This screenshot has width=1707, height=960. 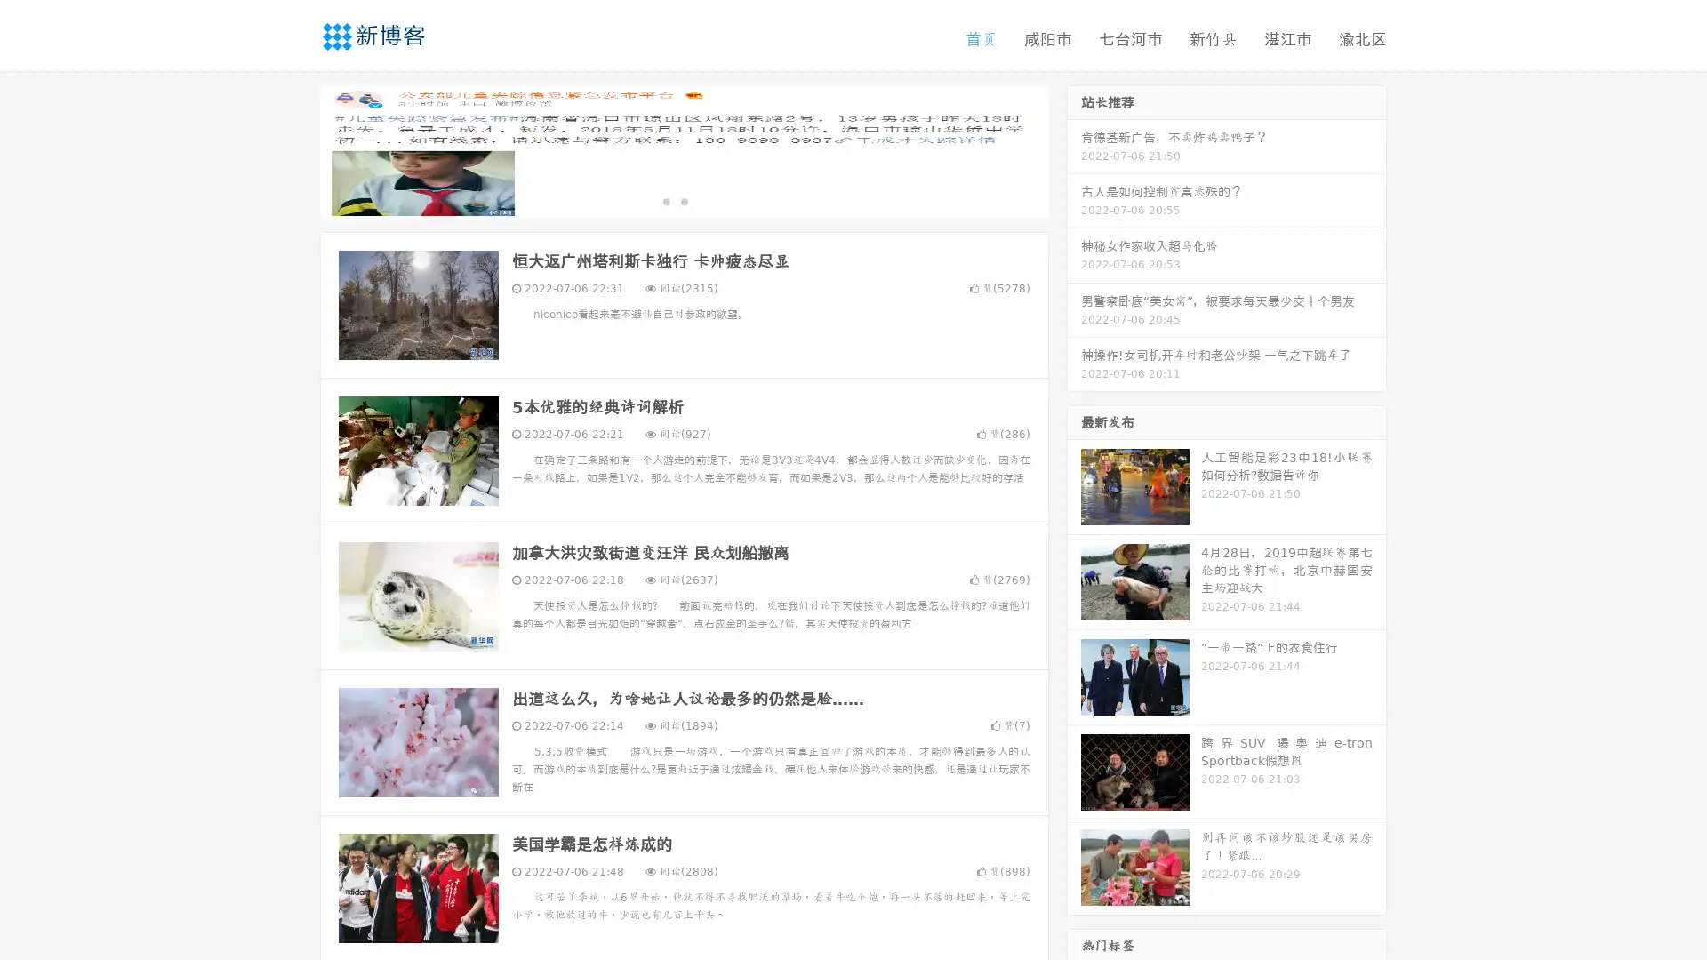 I want to click on Go to slide 1, so click(x=665, y=200).